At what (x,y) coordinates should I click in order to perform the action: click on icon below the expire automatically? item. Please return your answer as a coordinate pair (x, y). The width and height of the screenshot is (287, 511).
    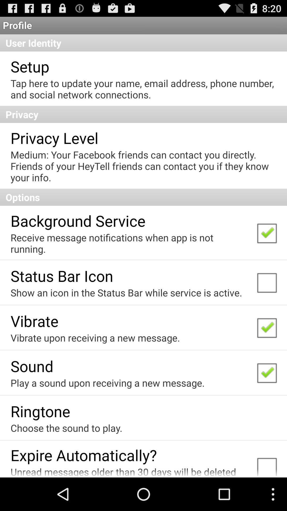
    Looking at the image, I should click on (130, 471).